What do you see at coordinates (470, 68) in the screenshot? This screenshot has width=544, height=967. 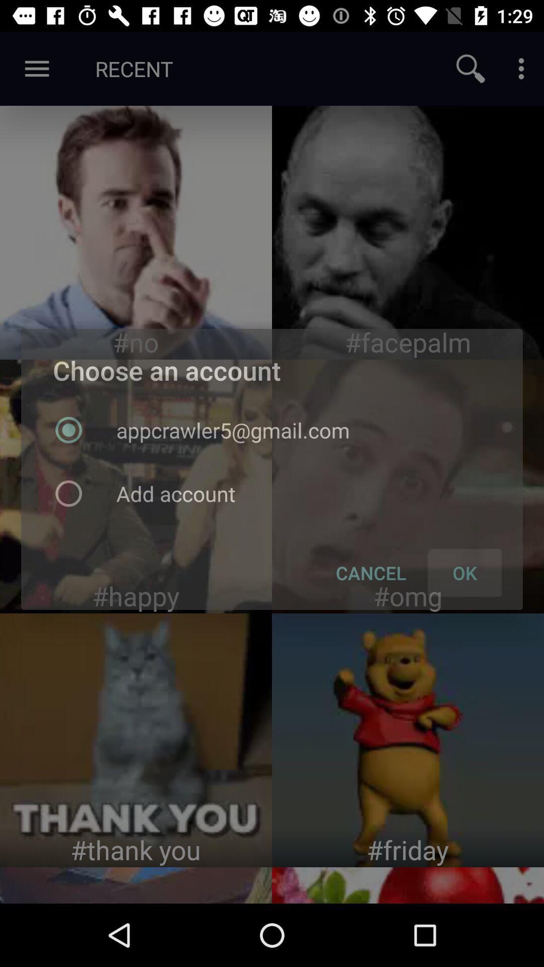 I see `searching options` at bounding box center [470, 68].